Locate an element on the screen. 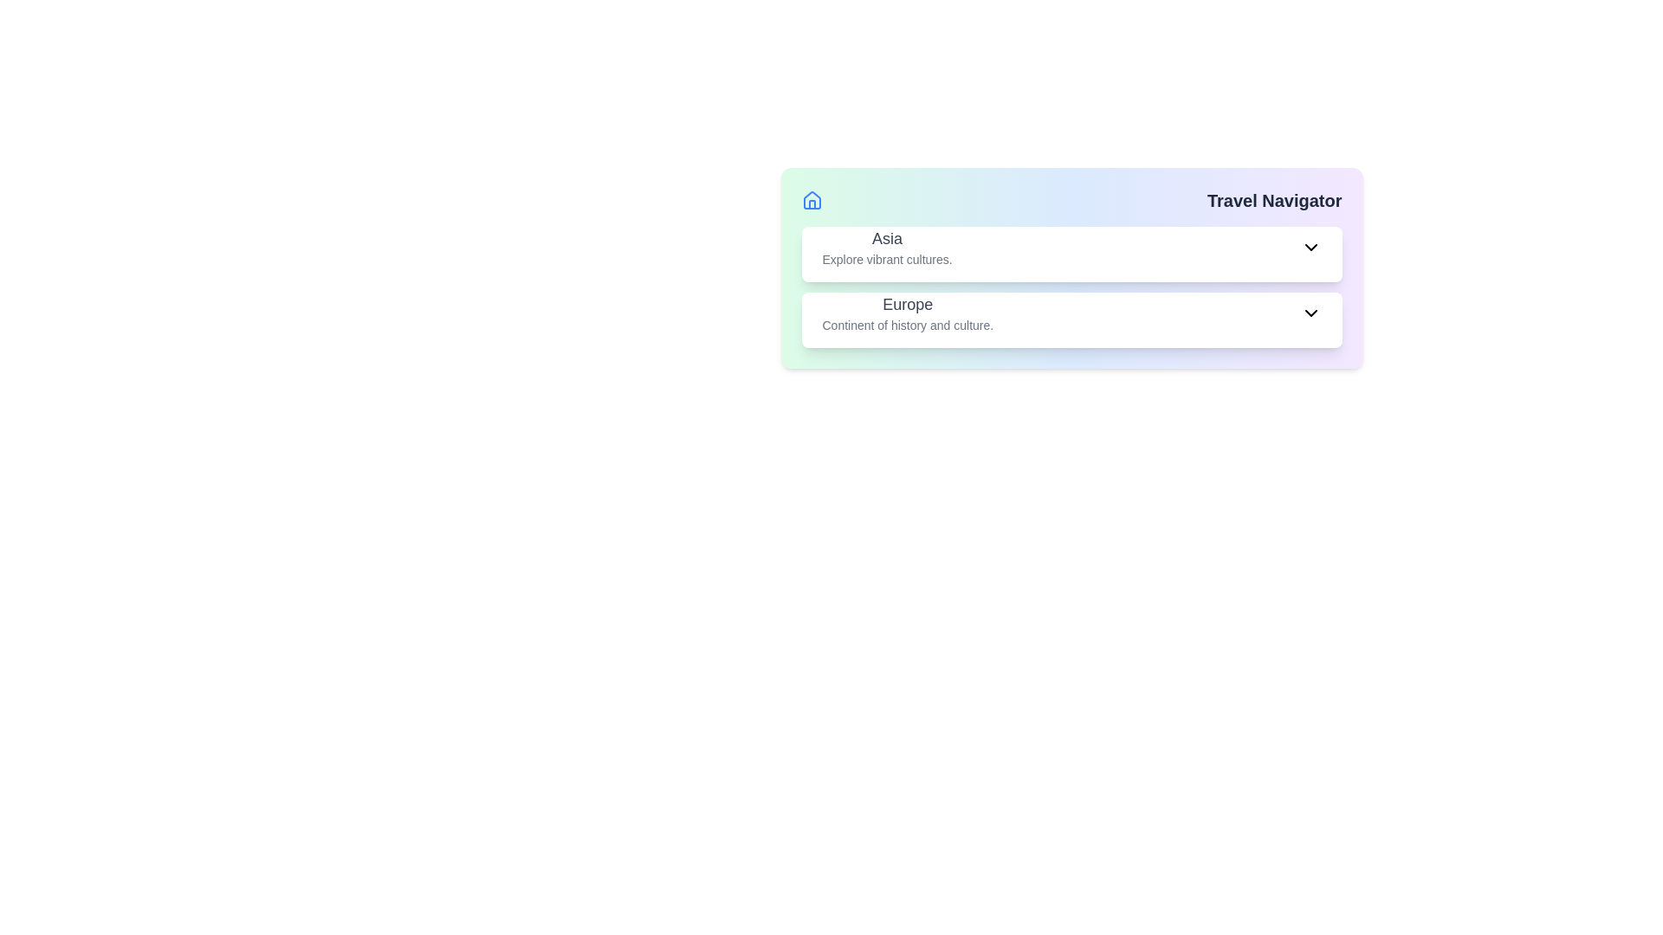 The width and height of the screenshot is (1663, 935). the header bar with an icon is located at coordinates (1071, 199).